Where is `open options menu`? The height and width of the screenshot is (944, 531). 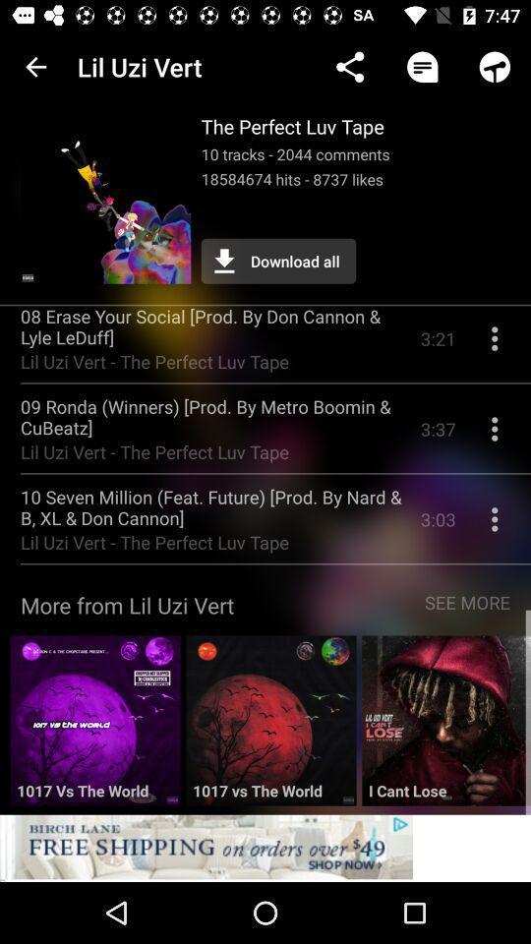
open options menu is located at coordinates (494, 346).